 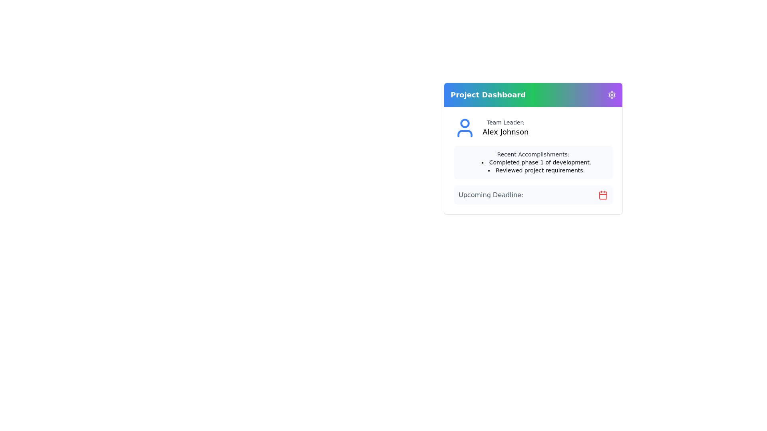 What do you see at coordinates (505, 127) in the screenshot?
I see `the text-based informational UI component displaying 'Team Leader: Alex Johnson', located in a card-like structure to the center-right of the interface, adjacent to a blue user icon` at bounding box center [505, 127].